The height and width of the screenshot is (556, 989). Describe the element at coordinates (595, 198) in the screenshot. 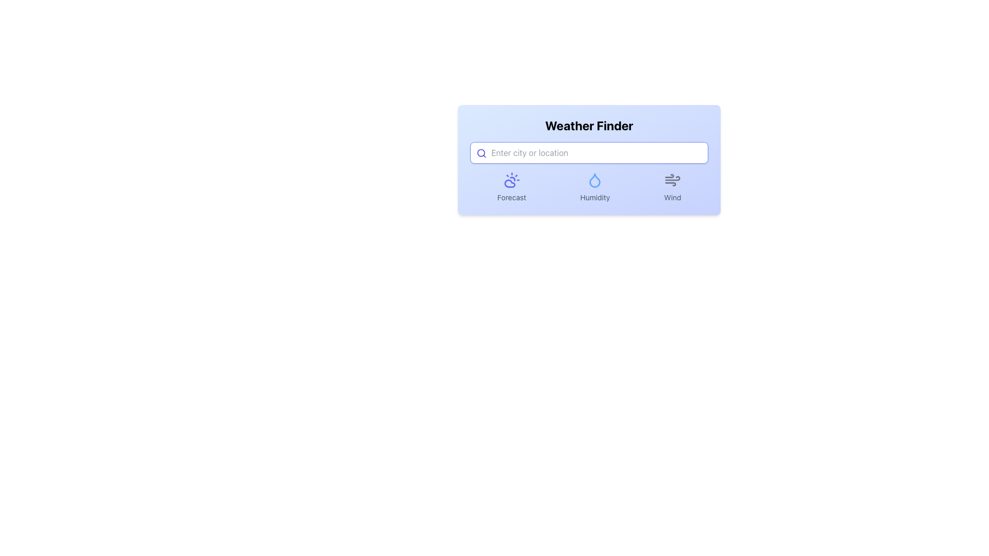

I see `the 'Humidity' text label, which is styled in gray and located under the droplet icon in the second column of weather information categories` at that location.